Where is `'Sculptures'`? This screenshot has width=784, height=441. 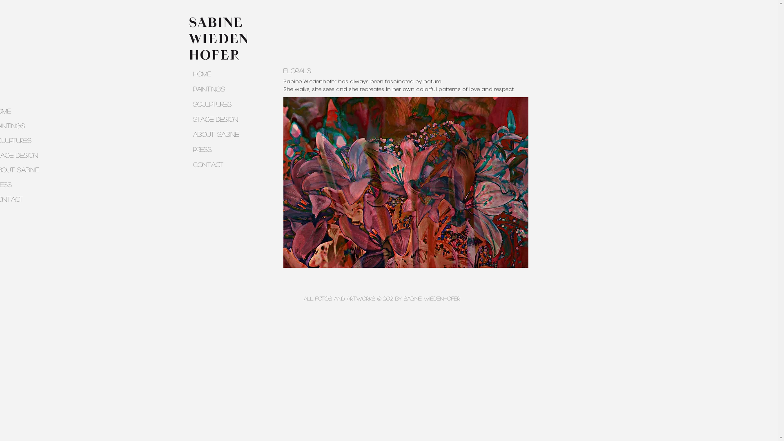
'Sculptures' is located at coordinates (224, 103).